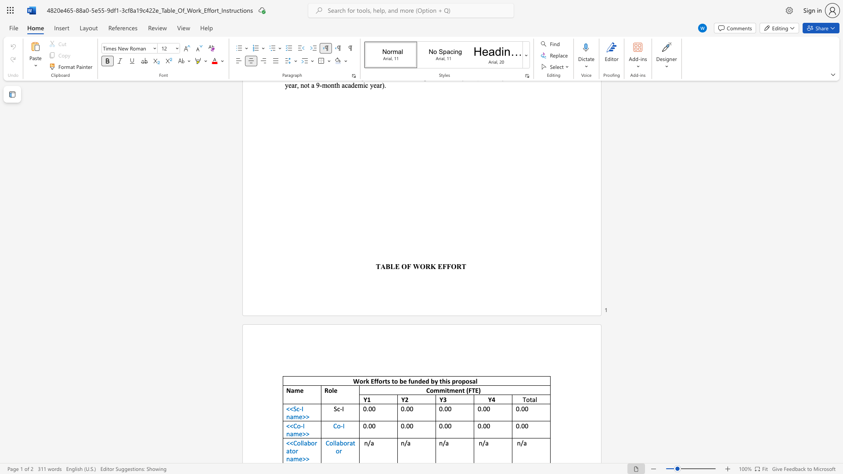 This screenshot has height=474, width=843. Describe the element at coordinates (311, 443) in the screenshot. I see `the subset text "orator name" within the text "<<Collaborator name>>"` at that location.